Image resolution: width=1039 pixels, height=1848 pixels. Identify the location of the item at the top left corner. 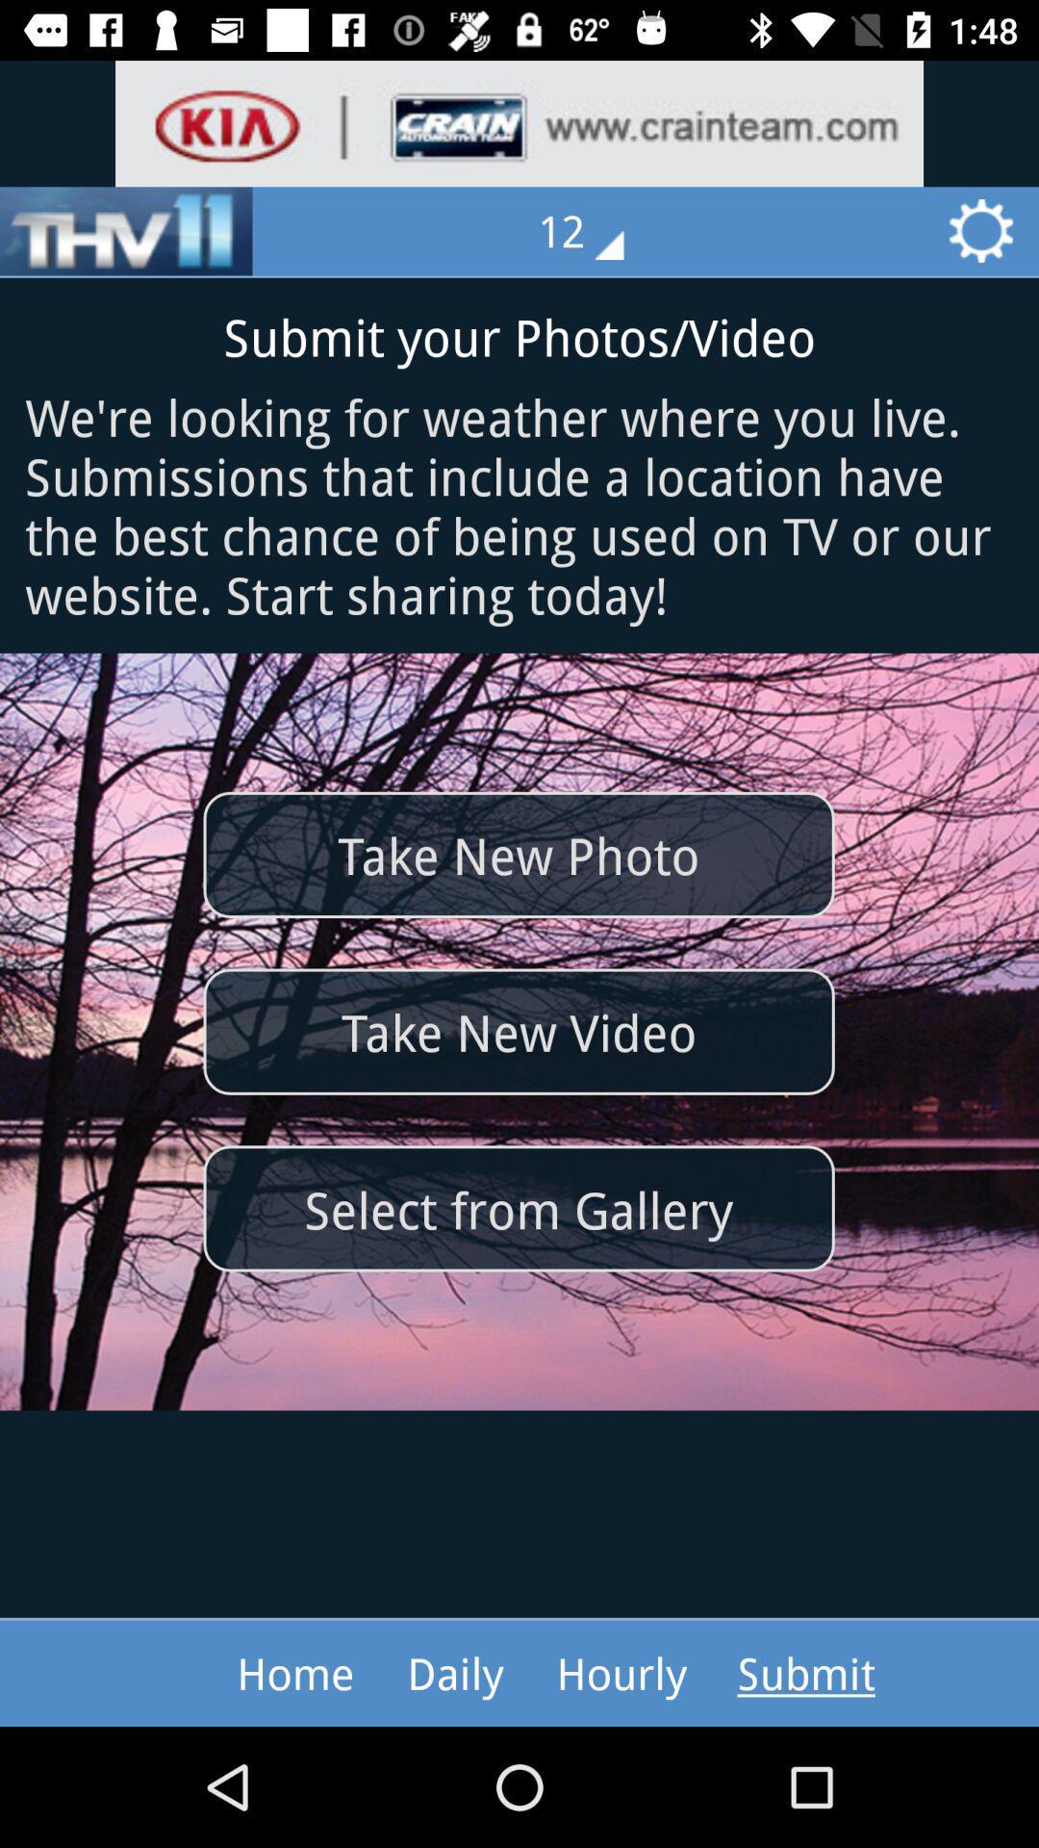
(126, 231).